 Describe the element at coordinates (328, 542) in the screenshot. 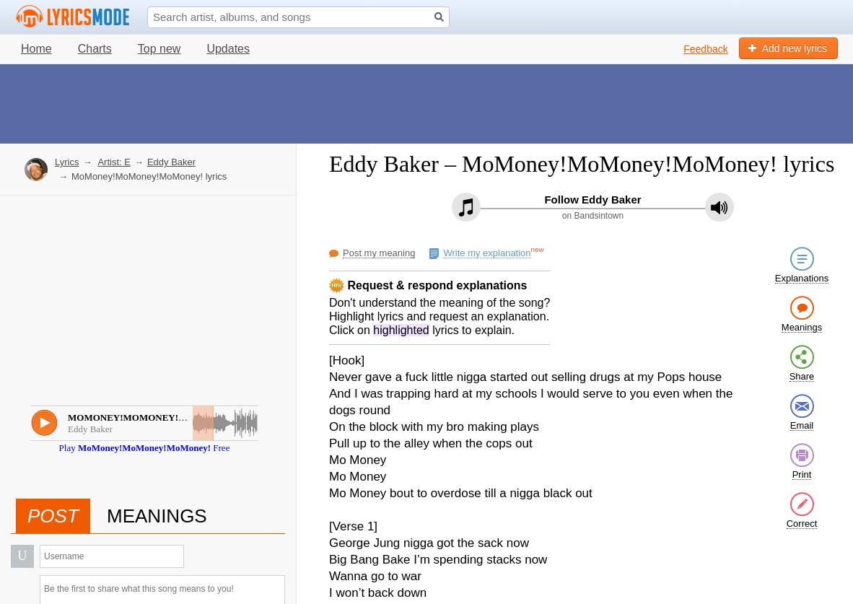

I see `'George Jung nigga got the sack now'` at that location.